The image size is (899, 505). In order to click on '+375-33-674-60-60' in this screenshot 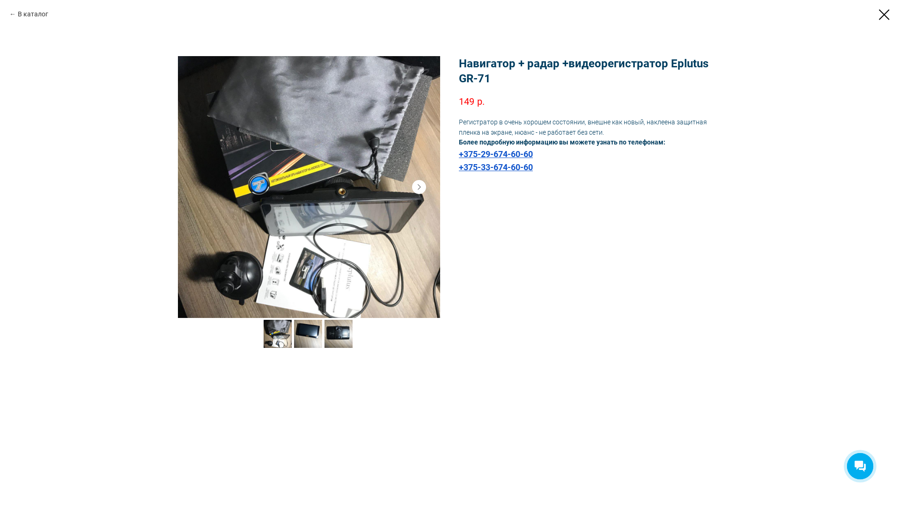, I will do `click(495, 167)`.